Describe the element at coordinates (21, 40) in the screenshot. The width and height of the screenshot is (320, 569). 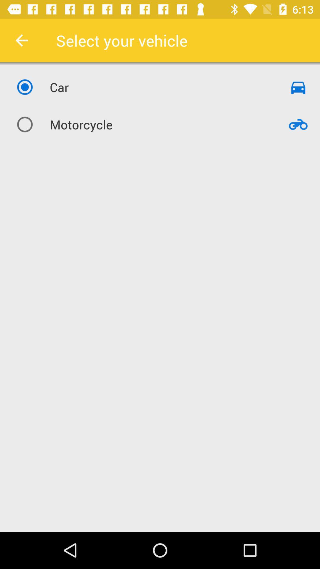
I see `the item next to the select your vehicle item` at that location.